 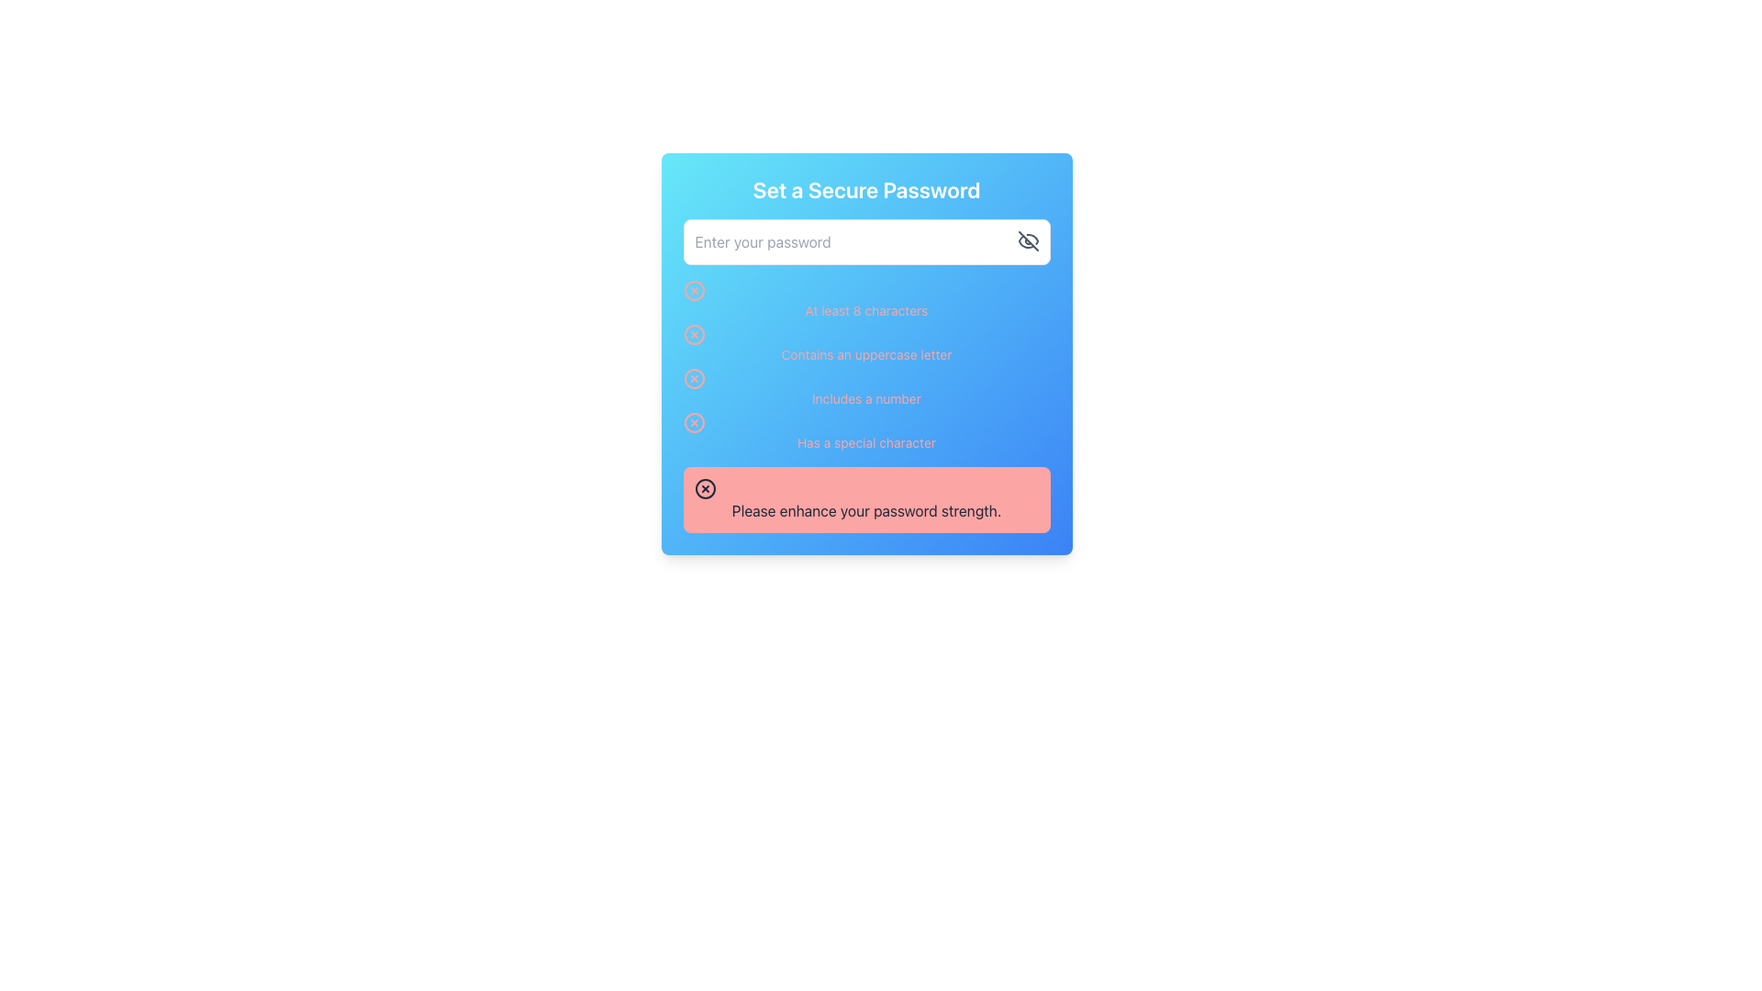 I want to click on the second item in the sequential checklist that informs the user about the requirement for an uppercase letter in a secure password, so click(x=865, y=353).